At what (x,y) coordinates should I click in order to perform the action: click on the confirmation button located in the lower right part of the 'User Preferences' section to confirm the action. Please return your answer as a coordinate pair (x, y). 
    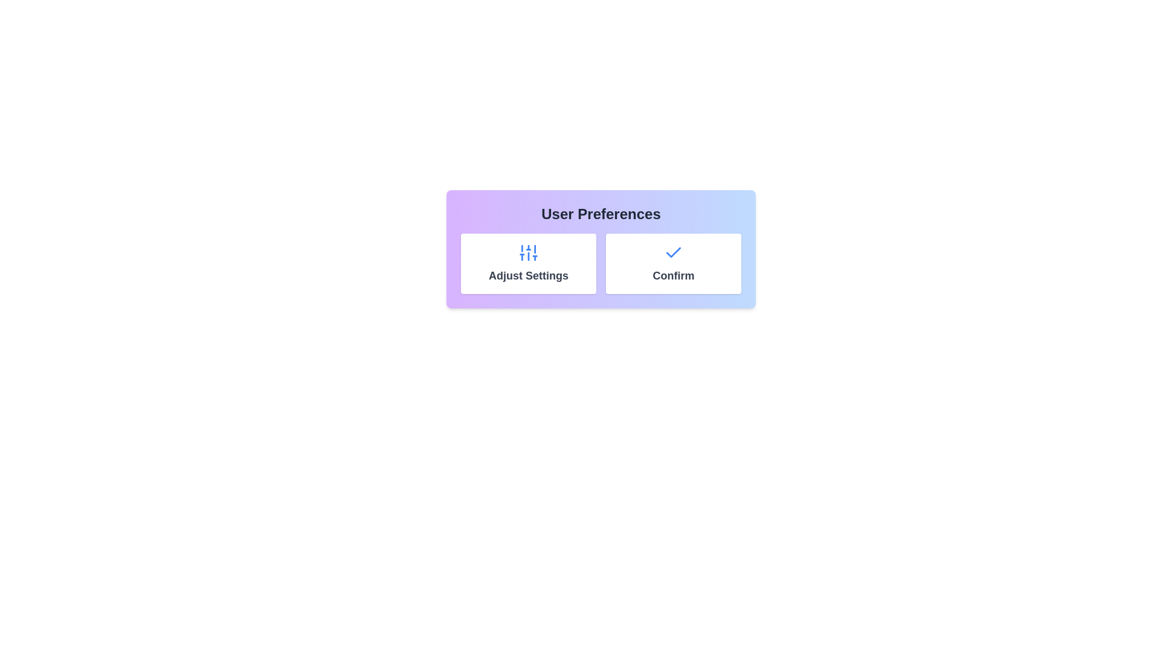
    Looking at the image, I should click on (672, 263).